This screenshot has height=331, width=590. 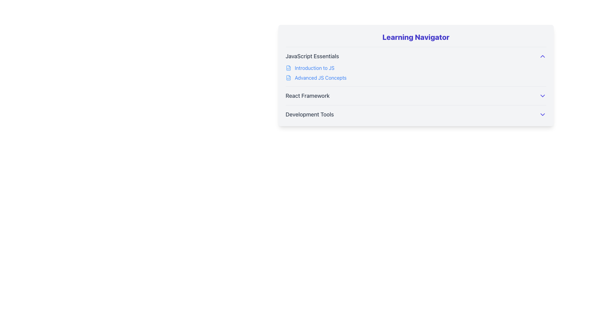 I want to click on the indigo downward-pointing chevron icon, so click(x=542, y=115).